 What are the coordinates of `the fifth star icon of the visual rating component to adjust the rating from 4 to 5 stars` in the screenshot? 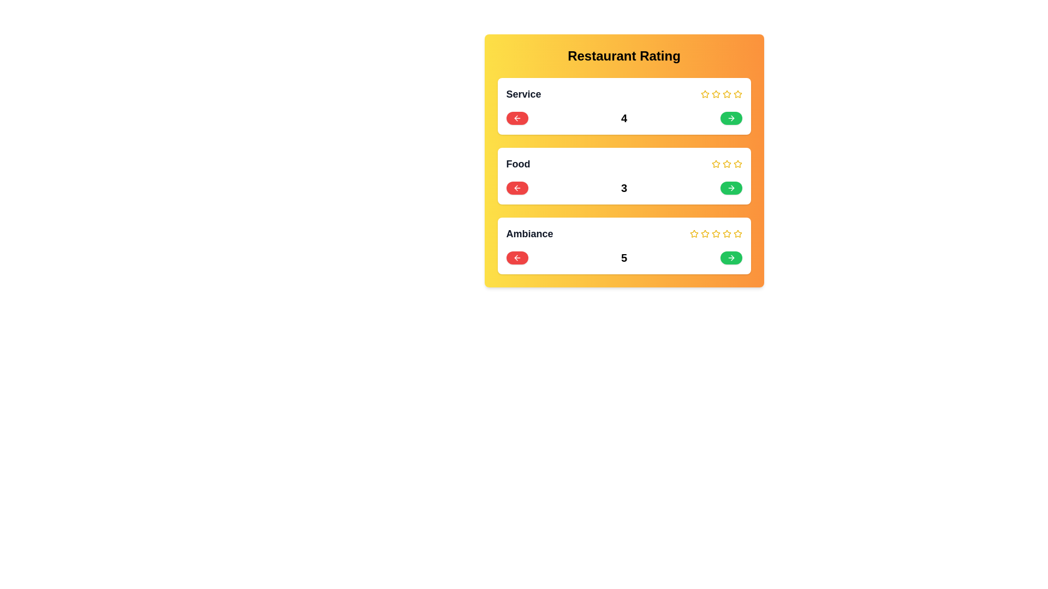 It's located at (721, 94).